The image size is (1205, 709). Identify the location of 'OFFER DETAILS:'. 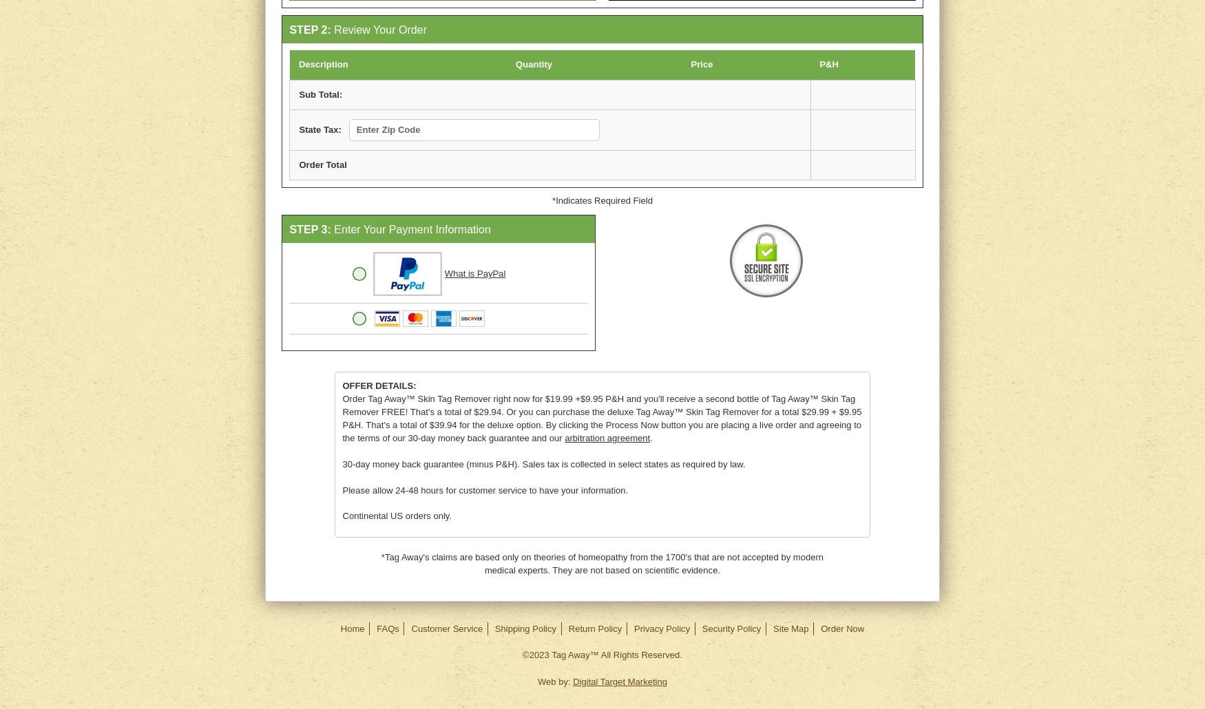
(378, 385).